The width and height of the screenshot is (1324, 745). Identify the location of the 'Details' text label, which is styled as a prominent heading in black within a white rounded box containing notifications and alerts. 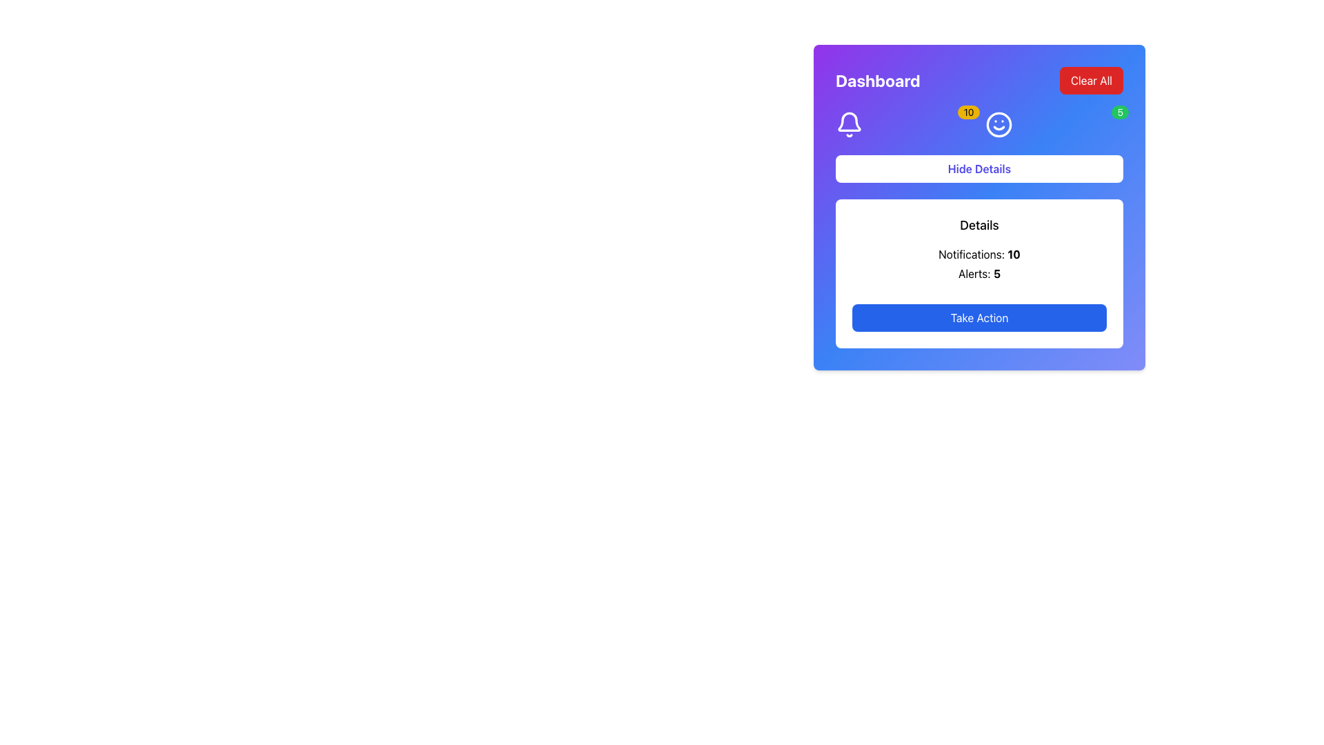
(979, 225).